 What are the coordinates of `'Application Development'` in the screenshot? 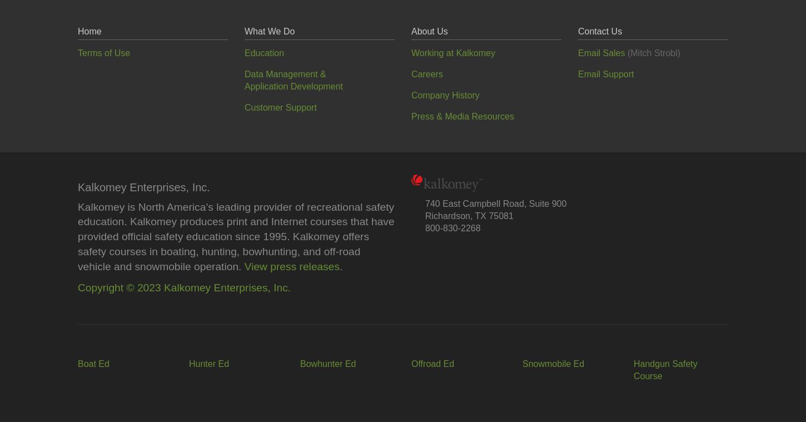 It's located at (293, 86).